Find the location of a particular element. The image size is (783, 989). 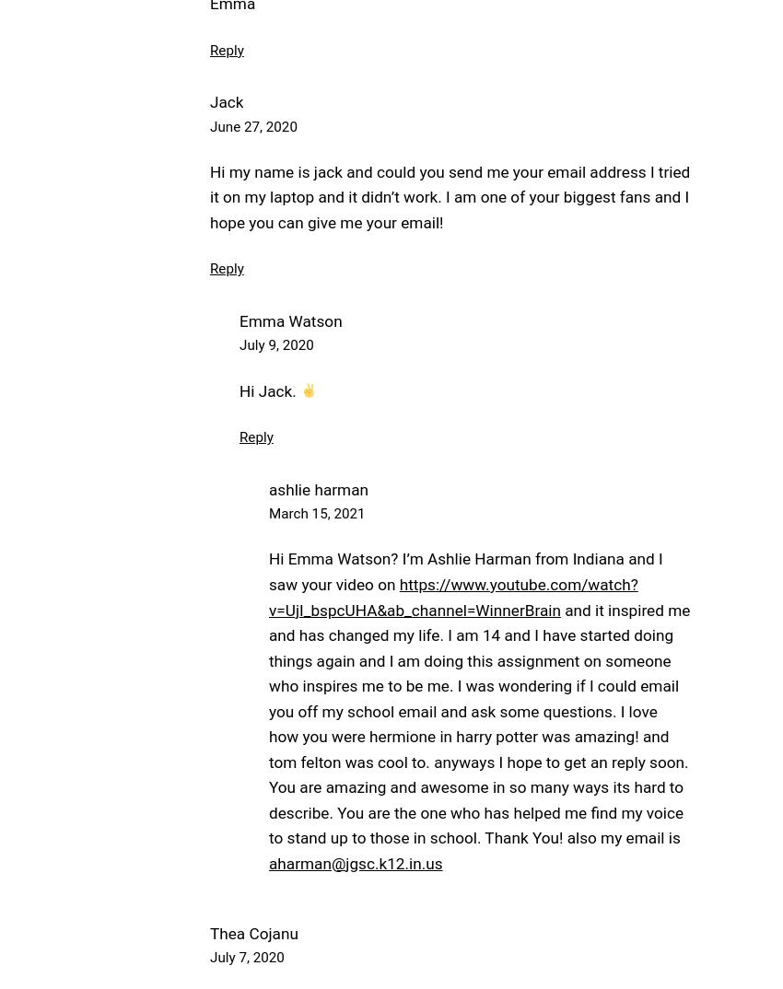

'aharman@jgsc.k12.in.us' is located at coordinates (355, 862).